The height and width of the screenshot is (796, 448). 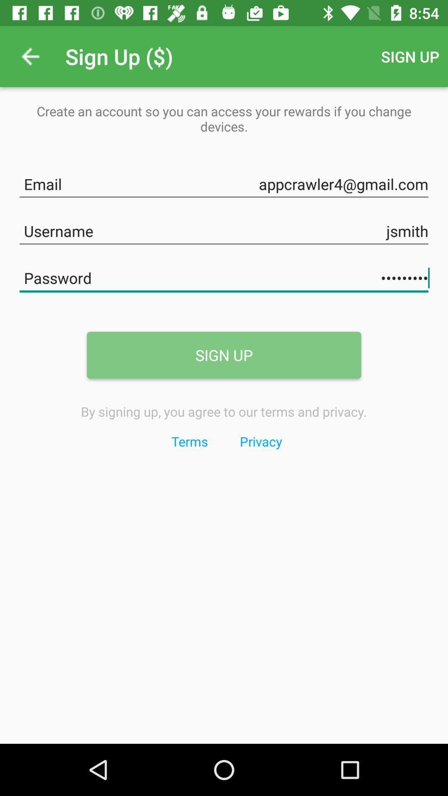 What do you see at coordinates (30, 56) in the screenshot?
I see `the item next to the sign up ($) item` at bounding box center [30, 56].